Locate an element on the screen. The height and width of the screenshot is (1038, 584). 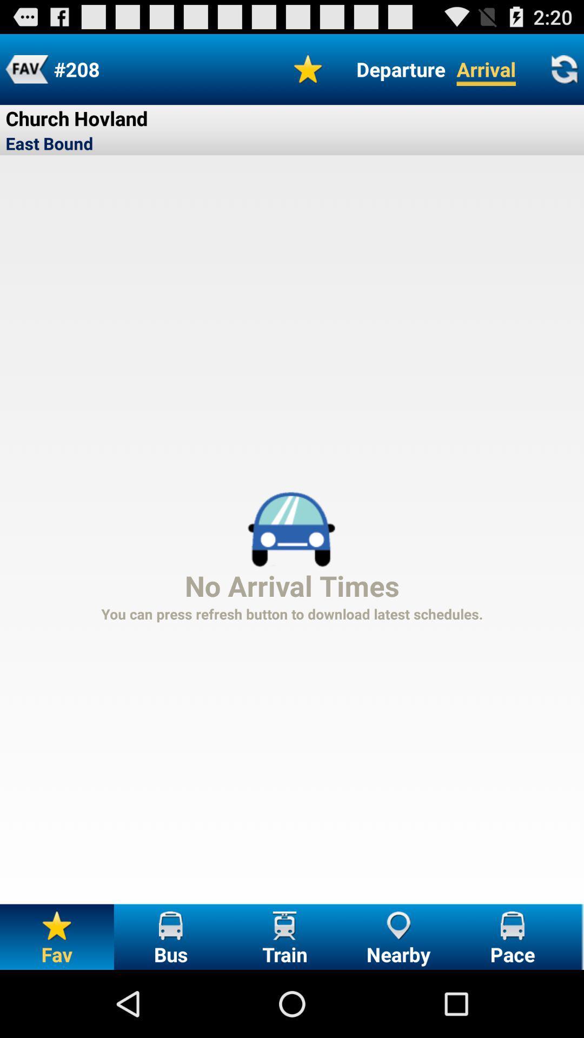
the icon present above the train is located at coordinates (284, 925).